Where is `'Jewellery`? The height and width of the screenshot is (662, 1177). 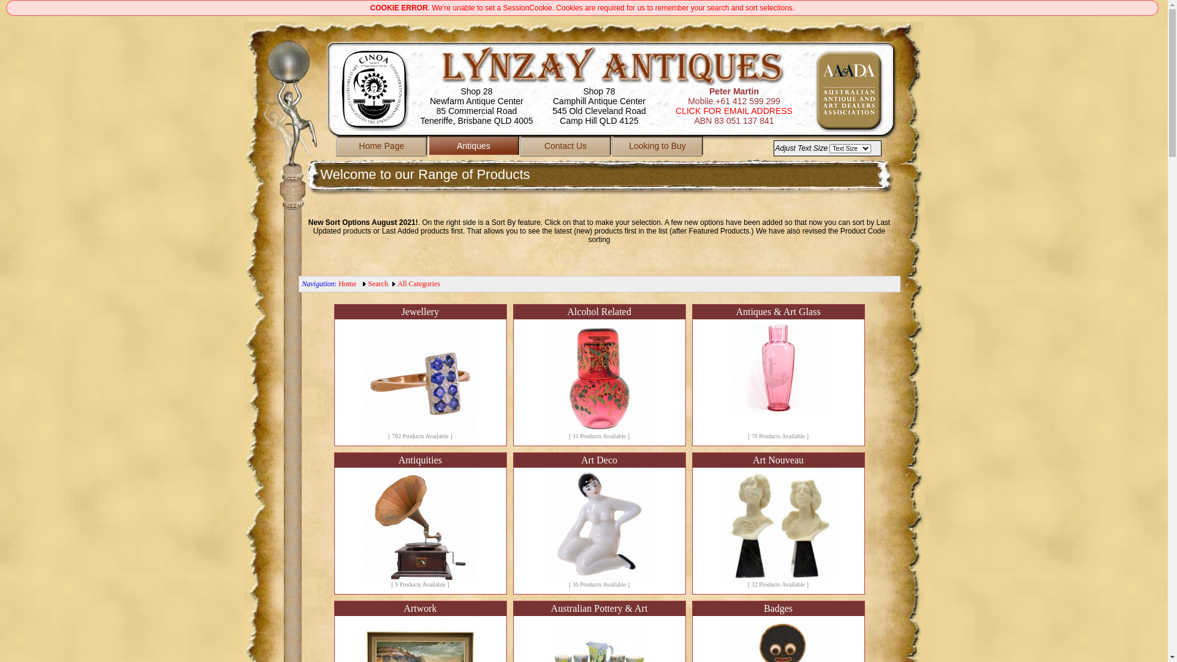 'Jewellery is located at coordinates (420, 375).